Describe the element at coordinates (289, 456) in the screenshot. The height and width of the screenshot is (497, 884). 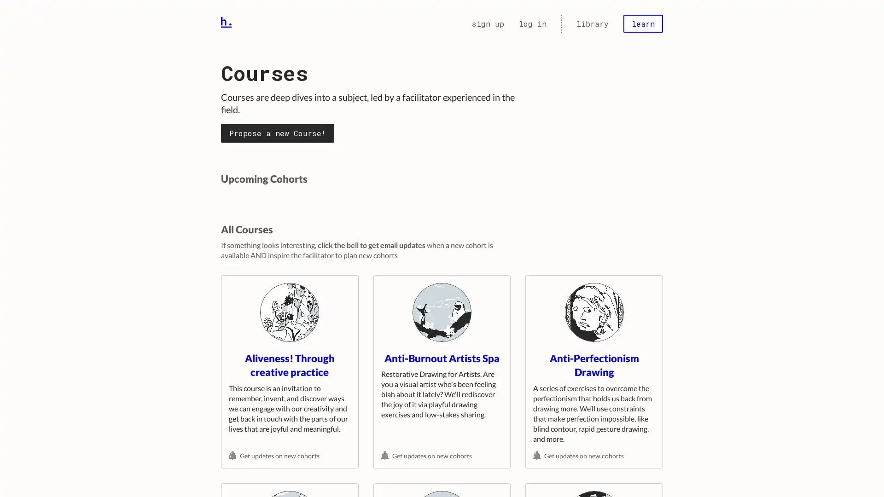
I see `Get updates on new cohorts` at that location.